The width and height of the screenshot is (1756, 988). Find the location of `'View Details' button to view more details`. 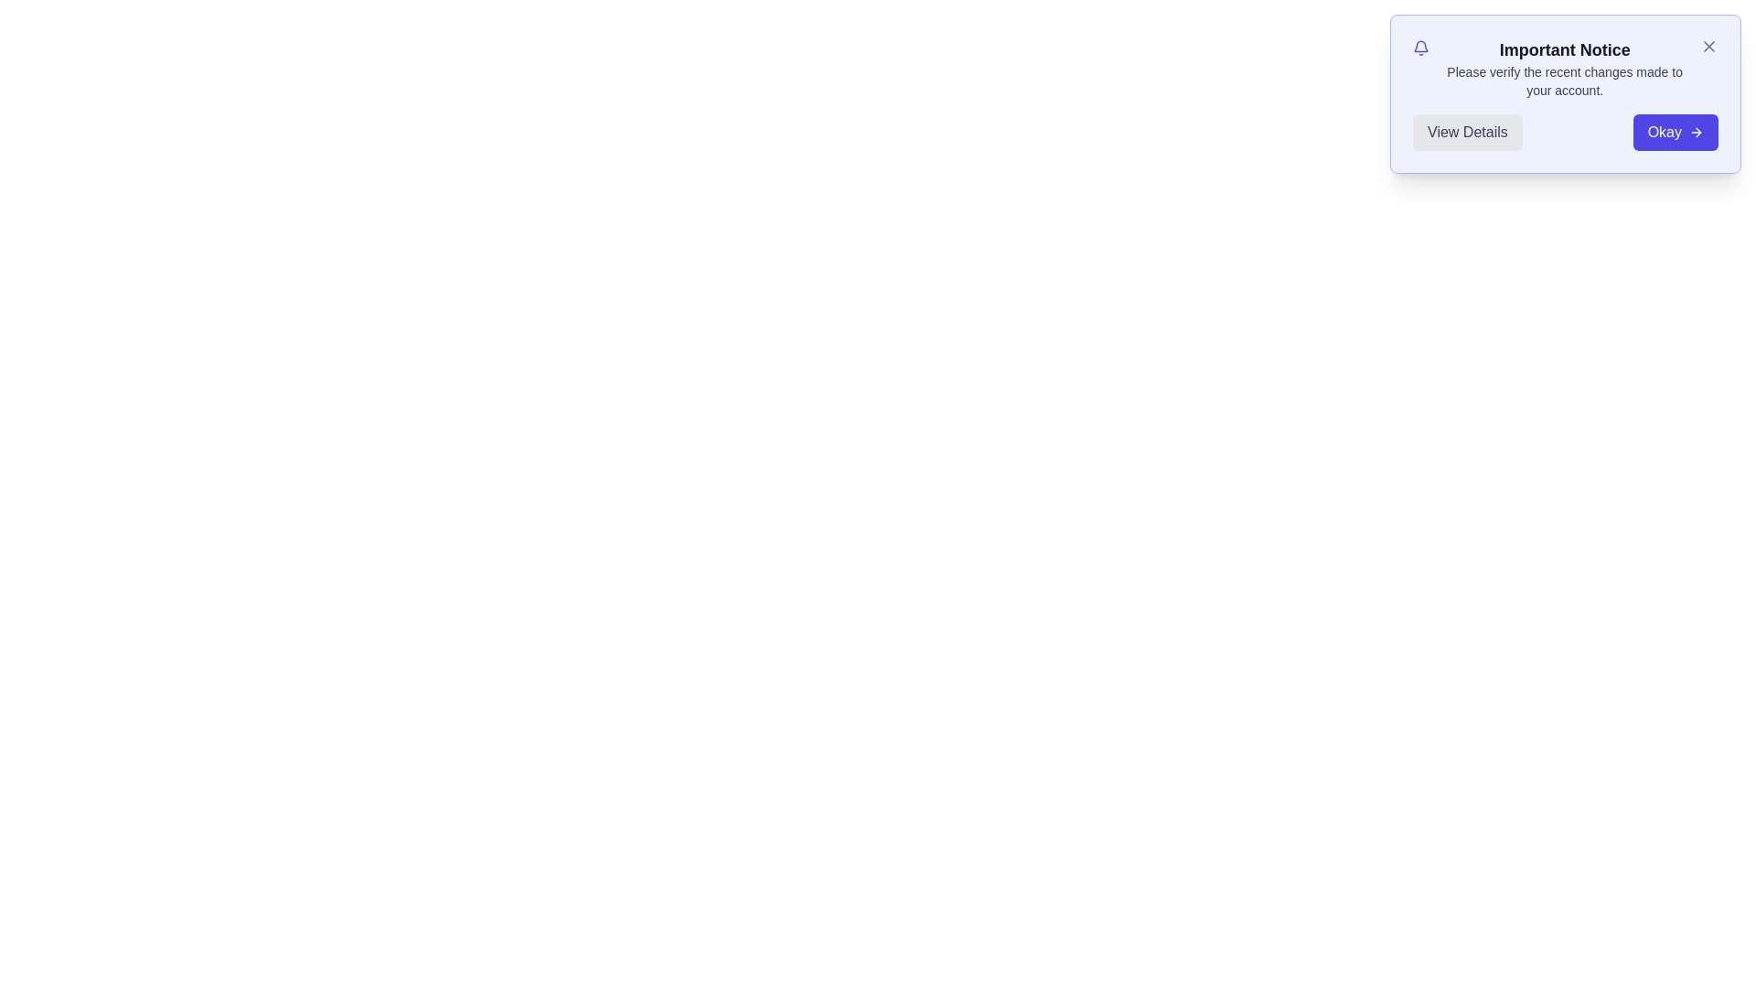

'View Details' button to view more details is located at coordinates (1467, 132).